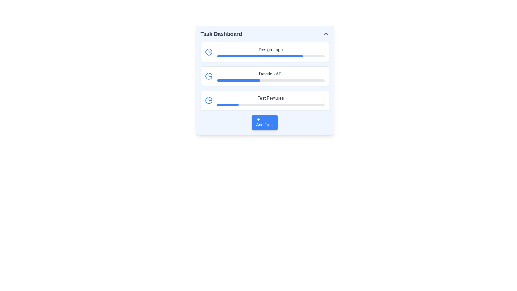 Image resolution: width=517 pixels, height=291 pixels. I want to click on the pie chart slice SVG element located next to the 'Test Features' title in the task card, so click(208, 101).